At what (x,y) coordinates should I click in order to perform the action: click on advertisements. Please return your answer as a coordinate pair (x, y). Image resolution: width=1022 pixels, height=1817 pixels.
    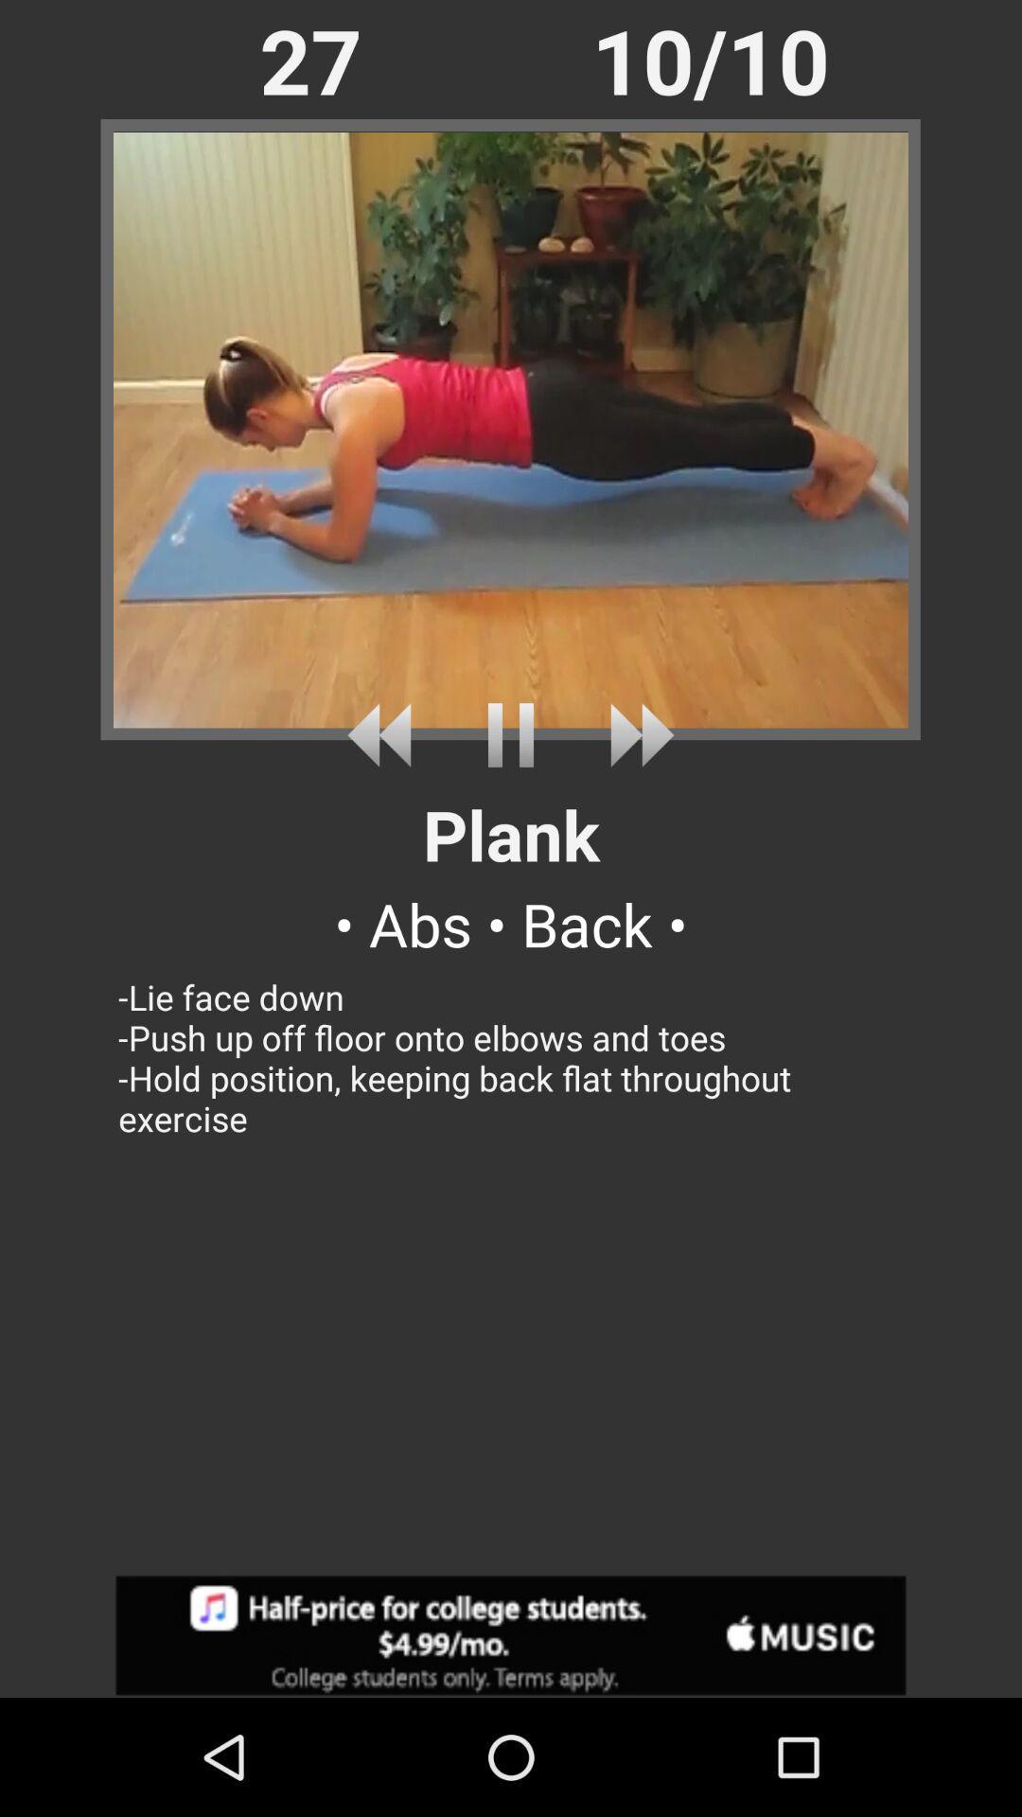
    Looking at the image, I should click on (511, 1634).